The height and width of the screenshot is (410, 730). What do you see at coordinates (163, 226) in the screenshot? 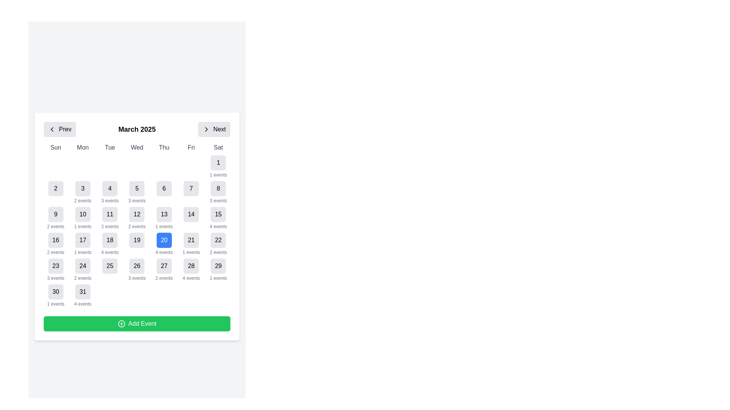
I see `the informational text label displaying '1 event', which is located directly below the calendar day representation for the date labeled '1'` at bounding box center [163, 226].